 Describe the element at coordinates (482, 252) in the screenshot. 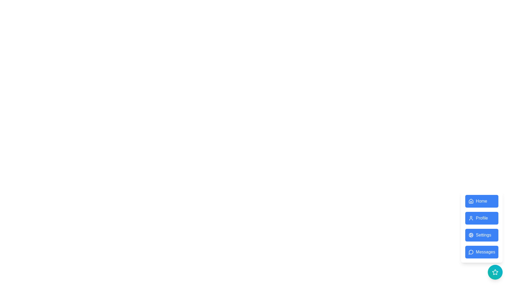

I see `the 'Messages' button, which is a rounded rectangular button with a vibrant blue background and white text` at that location.